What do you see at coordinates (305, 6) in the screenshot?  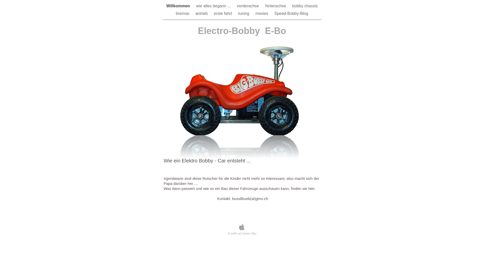 I see `'bobby chassis'` at bounding box center [305, 6].